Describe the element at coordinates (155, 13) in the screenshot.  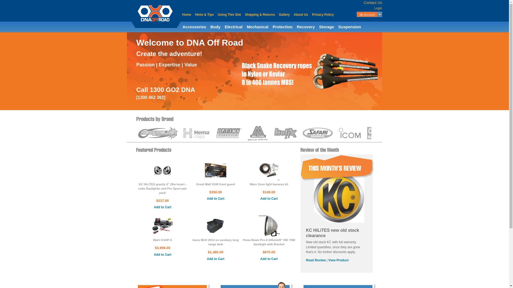
I see `'DNA Off Road'` at that location.